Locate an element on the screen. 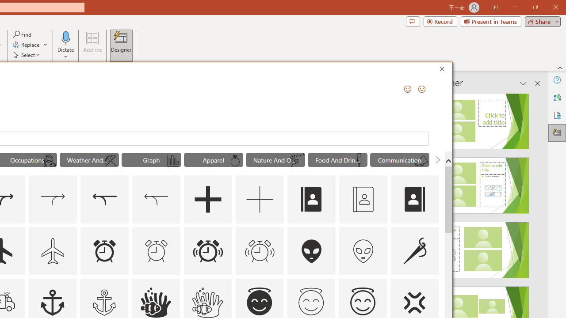 This screenshot has width=566, height=318. '"Weather And Seasons" Icons.' is located at coordinates (89, 160).